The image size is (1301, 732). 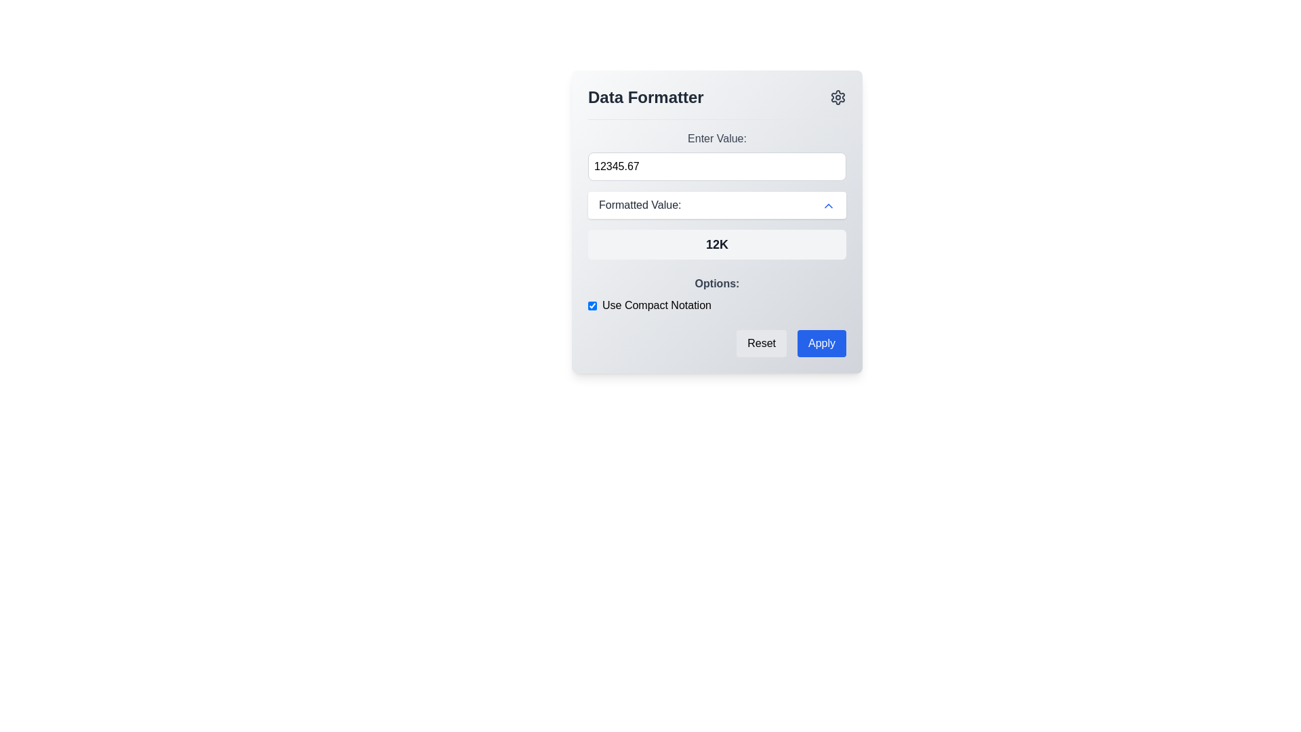 What do you see at coordinates (716, 294) in the screenshot?
I see `the checkbox for 'Use Compact Notation' located in the 'Options:' section of the 'Data Formatter' dialog` at bounding box center [716, 294].